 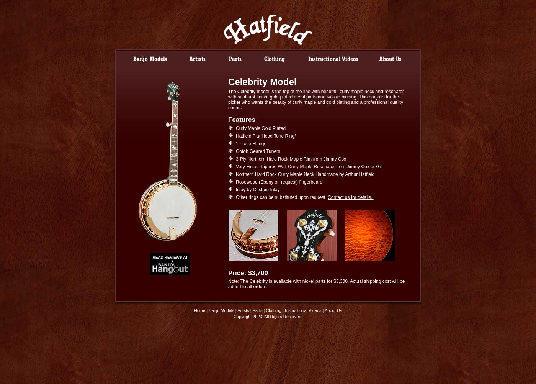 What do you see at coordinates (251, 144) in the screenshot?
I see `'1 Piece Flange'` at bounding box center [251, 144].